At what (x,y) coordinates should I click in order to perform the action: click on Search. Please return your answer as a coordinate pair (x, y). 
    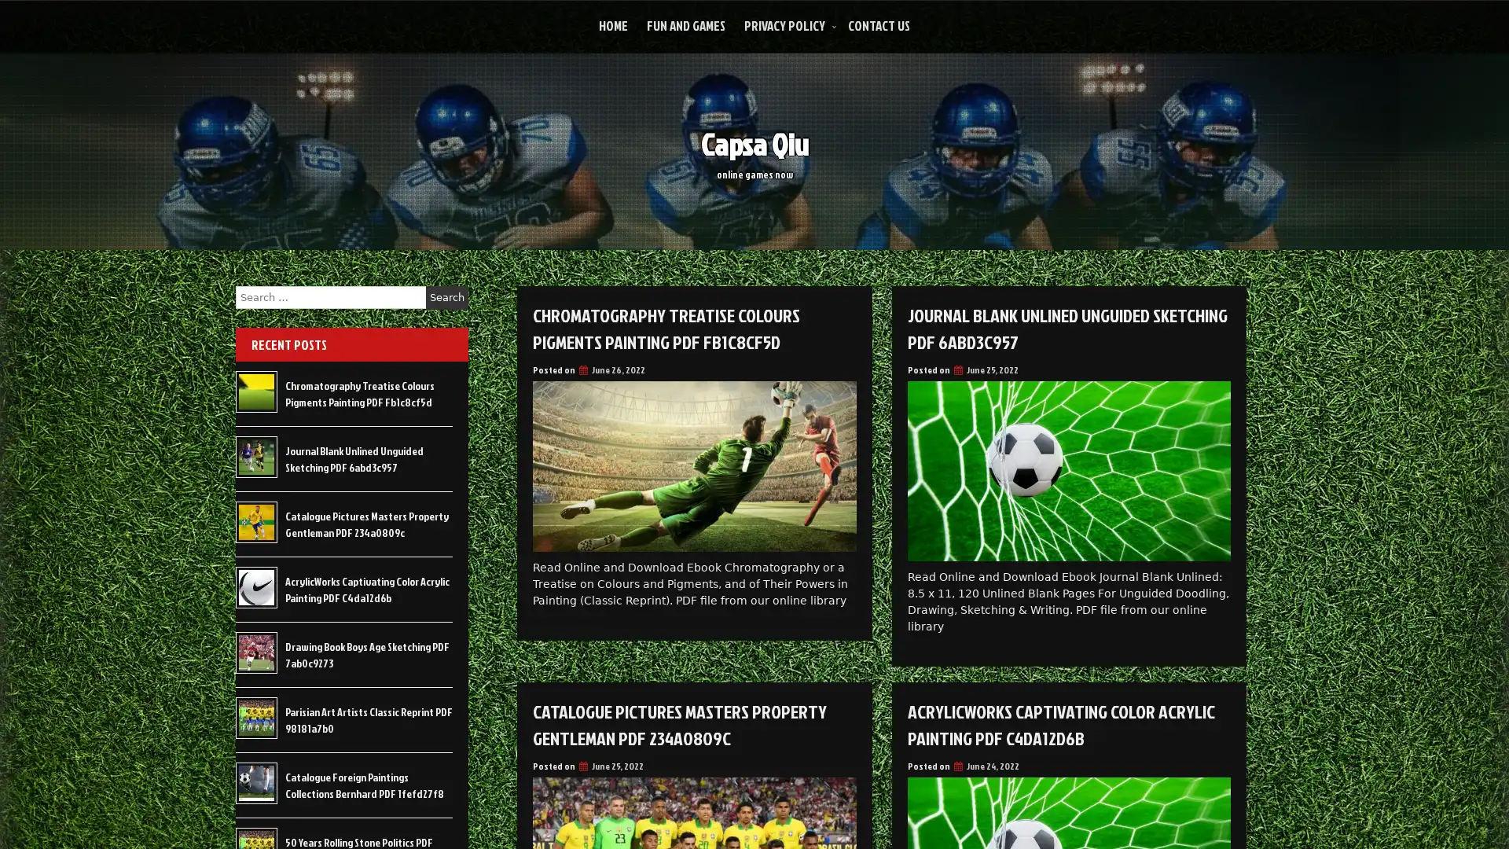
    Looking at the image, I should click on (446, 297).